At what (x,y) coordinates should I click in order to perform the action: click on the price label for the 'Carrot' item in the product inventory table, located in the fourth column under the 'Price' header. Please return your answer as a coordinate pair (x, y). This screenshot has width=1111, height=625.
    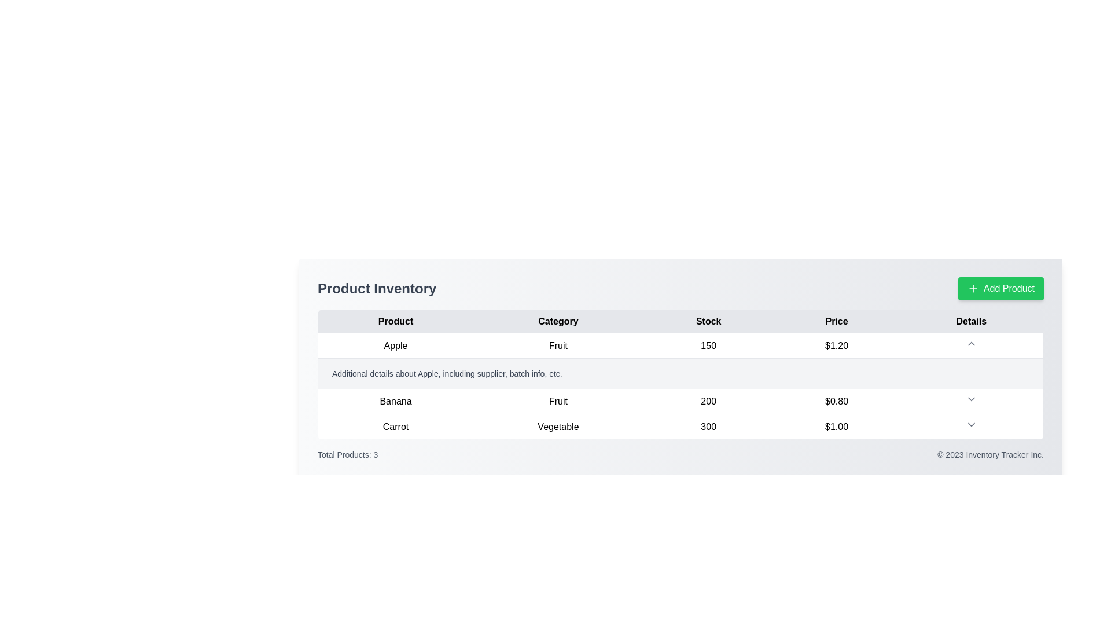
    Looking at the image, I should click on (837, 427).